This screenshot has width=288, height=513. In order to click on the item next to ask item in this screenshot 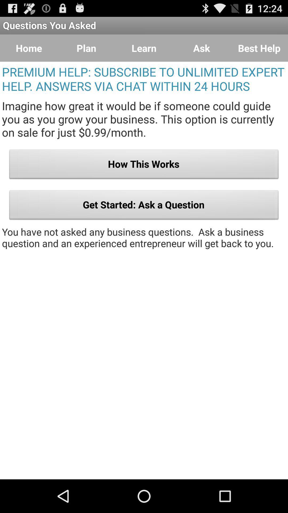, I will do `click(144, 48)`.